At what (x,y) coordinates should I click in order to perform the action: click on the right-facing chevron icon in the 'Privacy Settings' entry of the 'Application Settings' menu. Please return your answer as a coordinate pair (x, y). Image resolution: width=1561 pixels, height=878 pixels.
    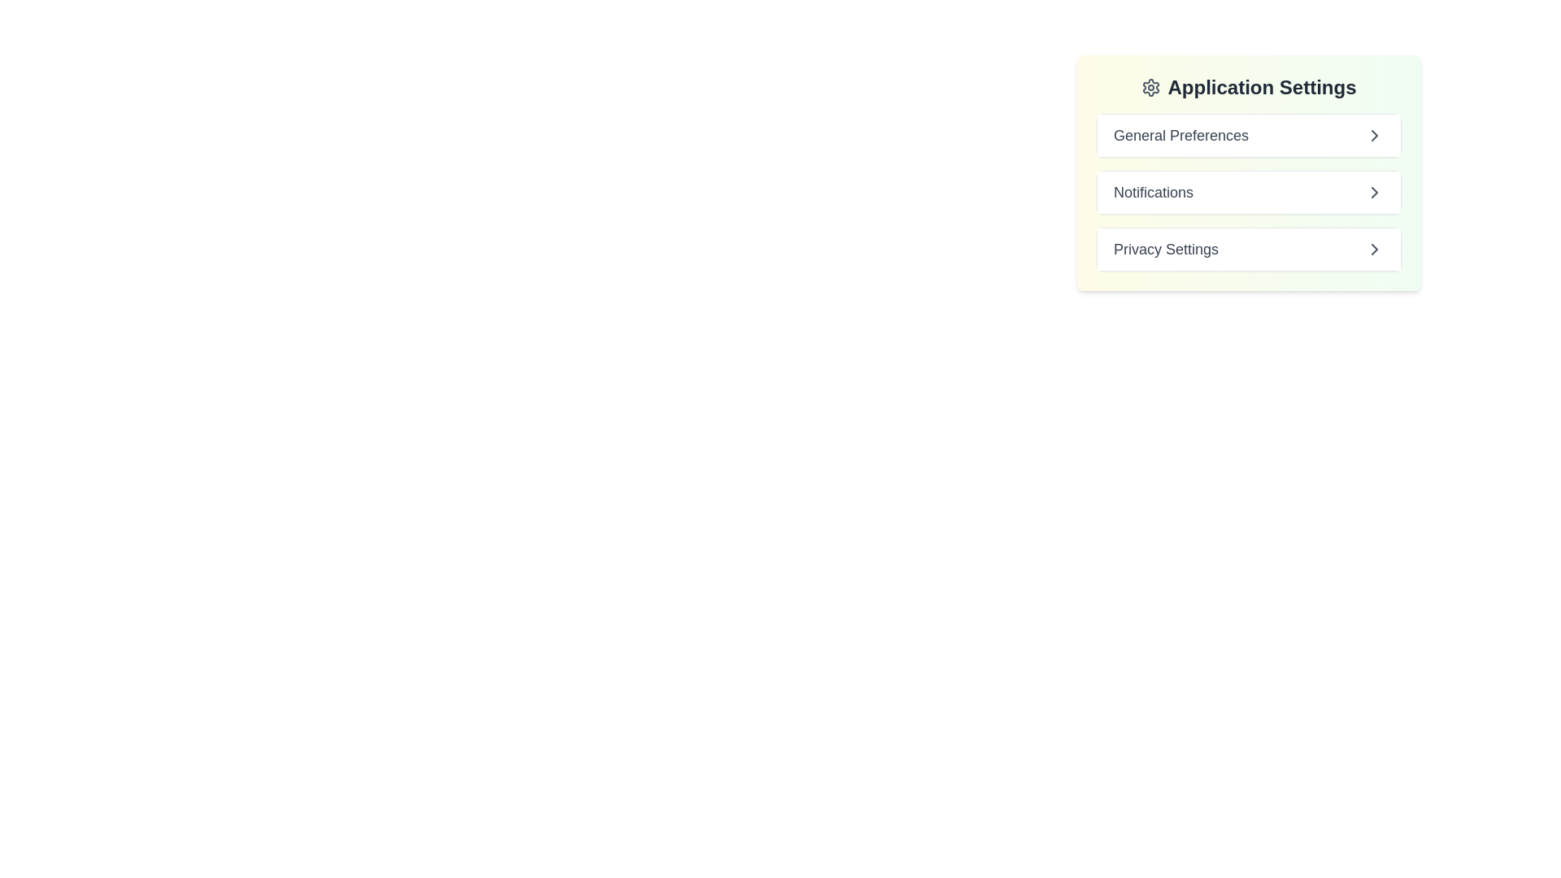
    Looking at the image, I should click on (1373, 250).